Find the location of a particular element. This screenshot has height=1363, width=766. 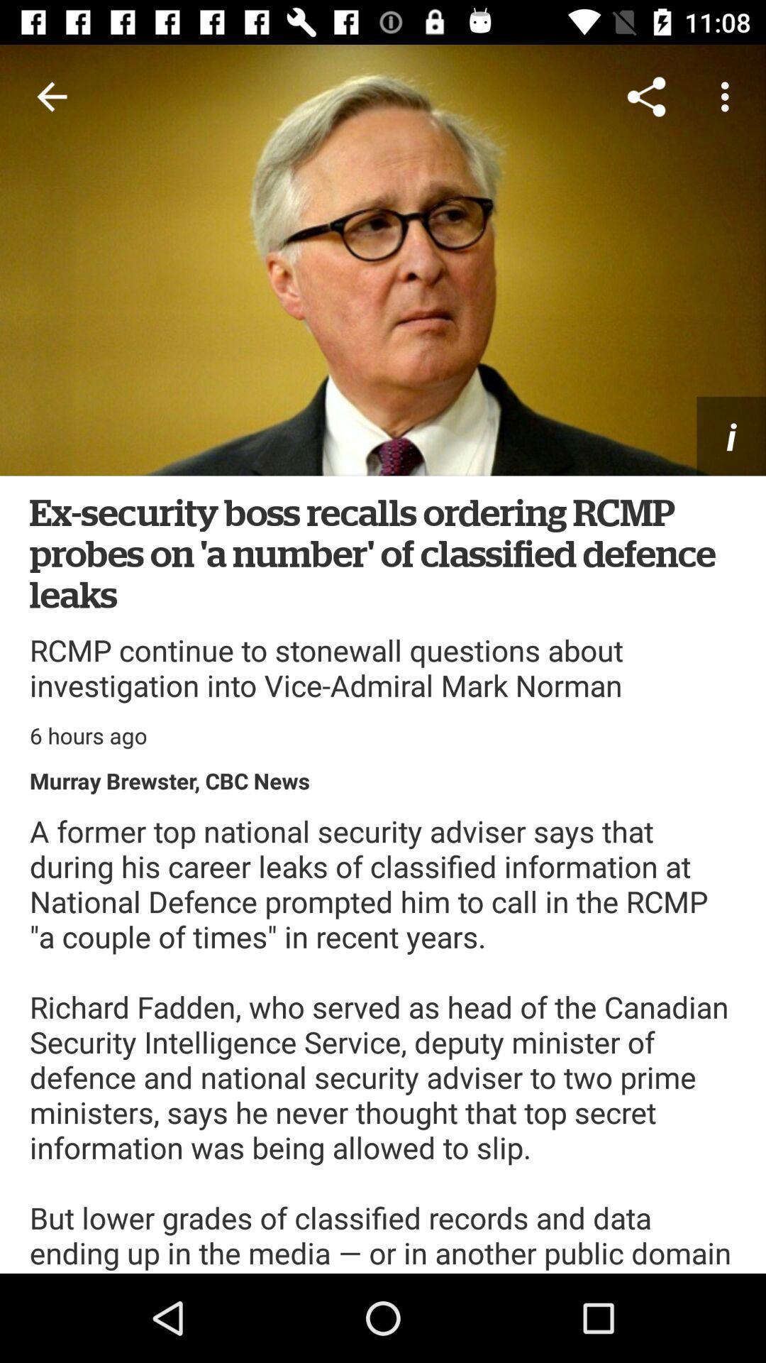

icon below rcmp continue to icon is located at coordinates (88, 735).